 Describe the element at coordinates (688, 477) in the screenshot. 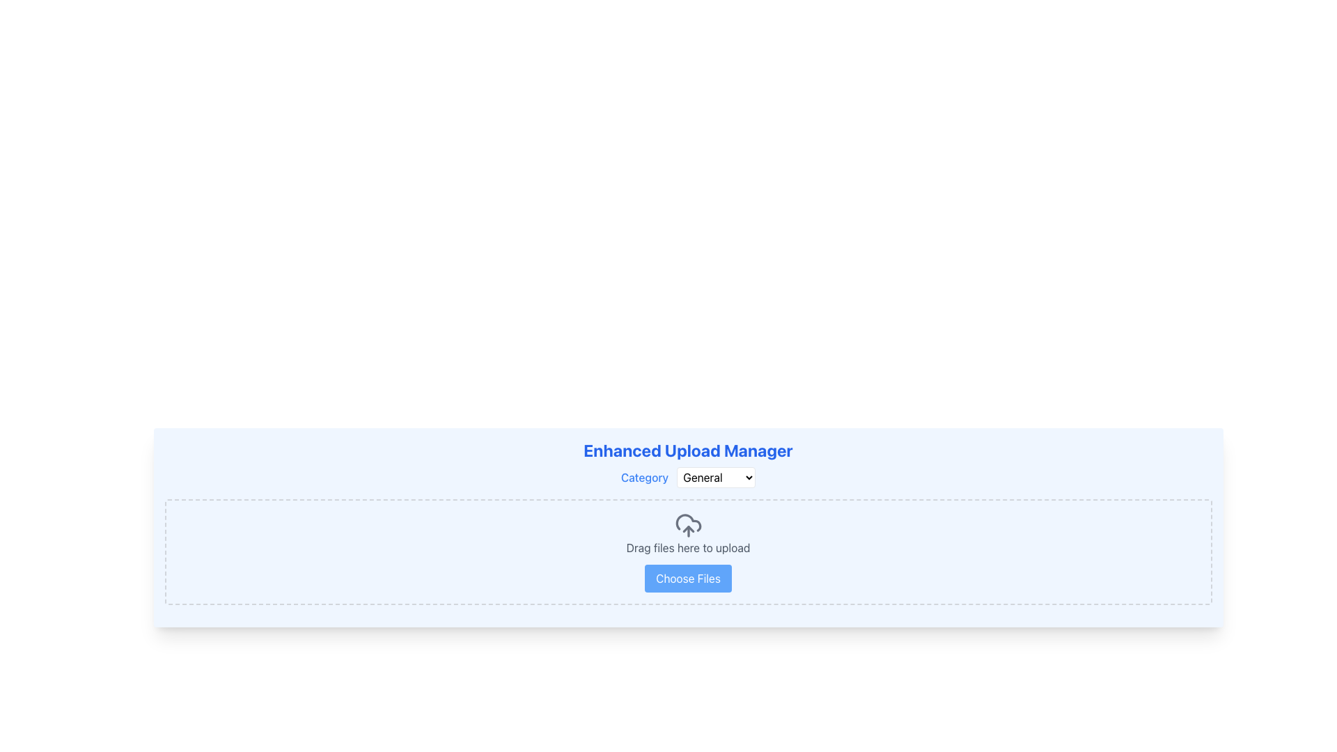

I see `the dropdown menu labeled 'Category'` at that location.